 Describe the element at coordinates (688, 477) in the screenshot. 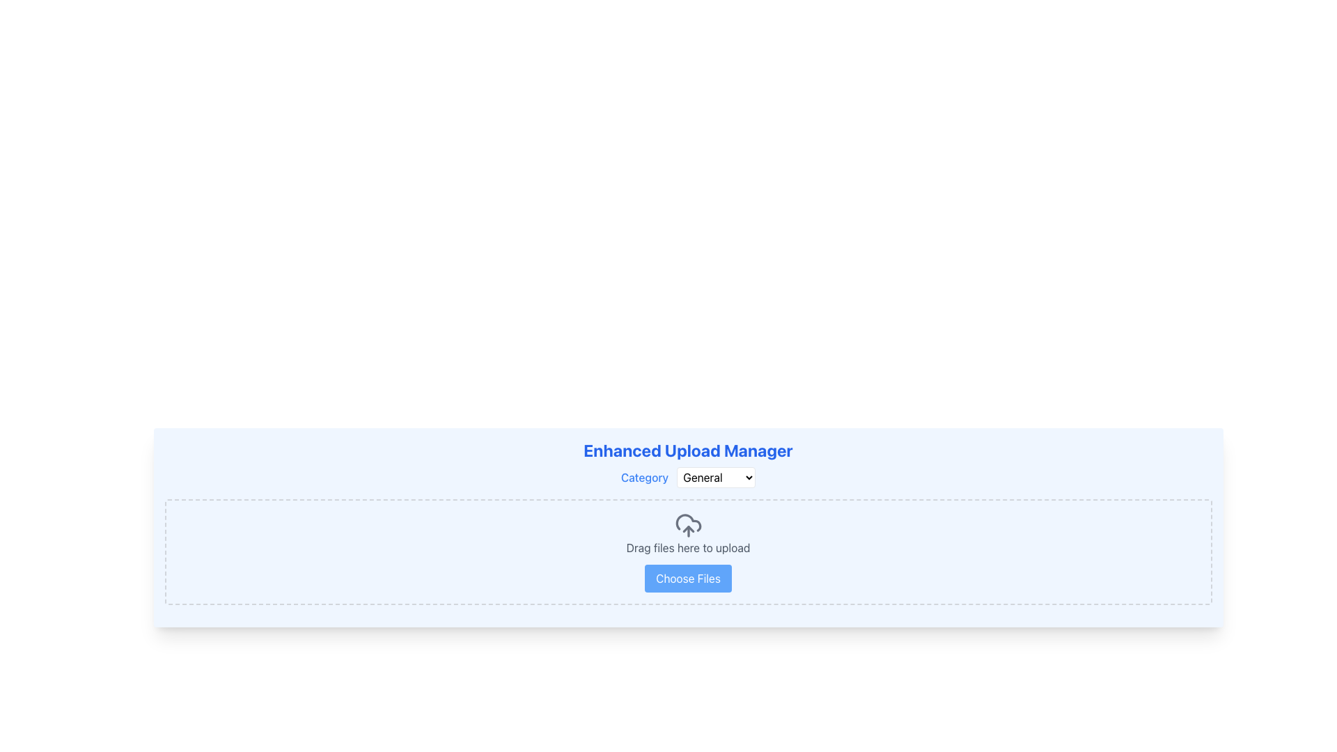

I see `the dropdown menu labeled 'Category'` at that location.